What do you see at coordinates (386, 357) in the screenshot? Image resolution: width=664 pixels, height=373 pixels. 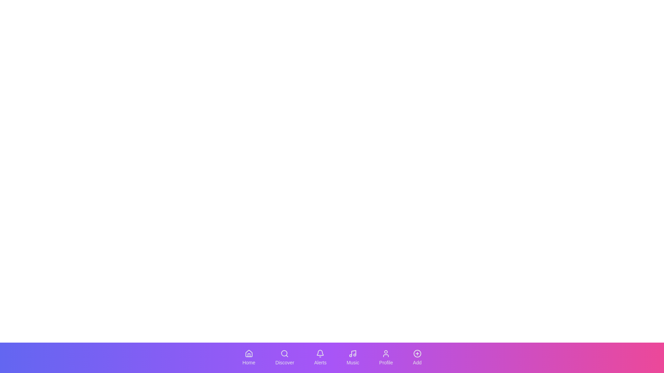 I see `the Profile tab` at bounding box center [386, 357].